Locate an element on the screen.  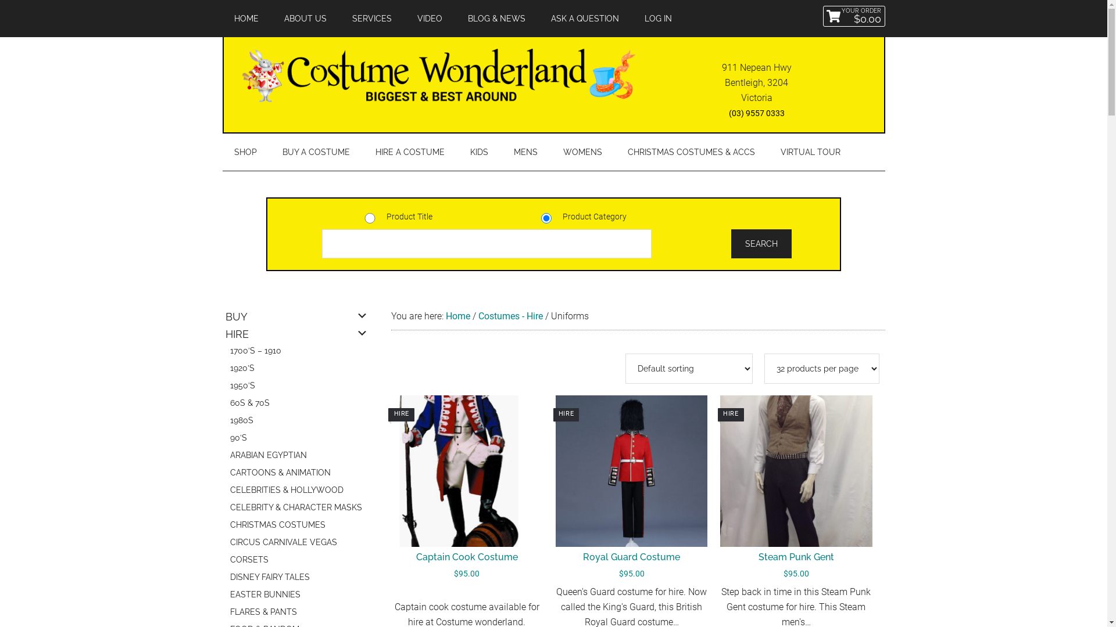
'EASTER BUNNIES' is located at coordinates (226, 596).